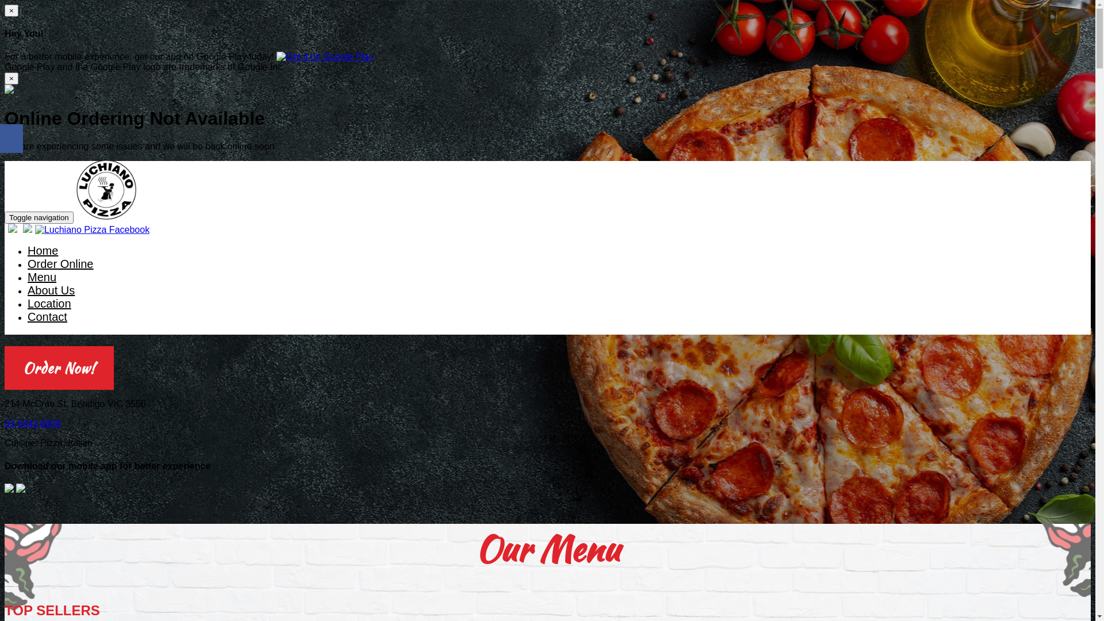 Image resolution: width=1104 pixels, height=621 pixels. I want to click on 'Order Now!', so click(58, 368).